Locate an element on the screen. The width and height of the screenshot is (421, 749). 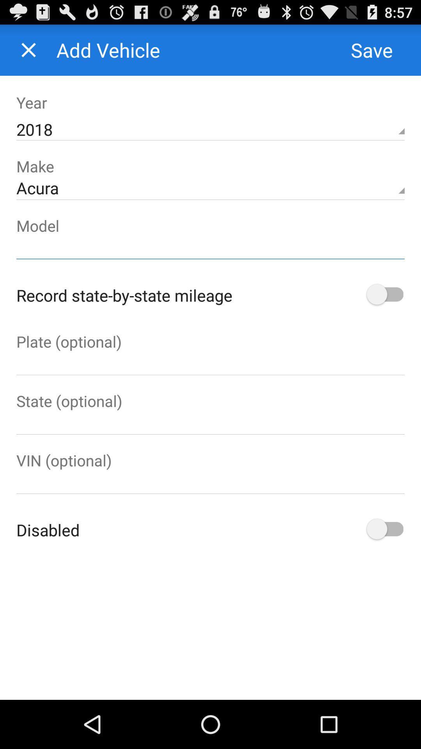
plate number on vehicle is located at coordinates (210, 363).